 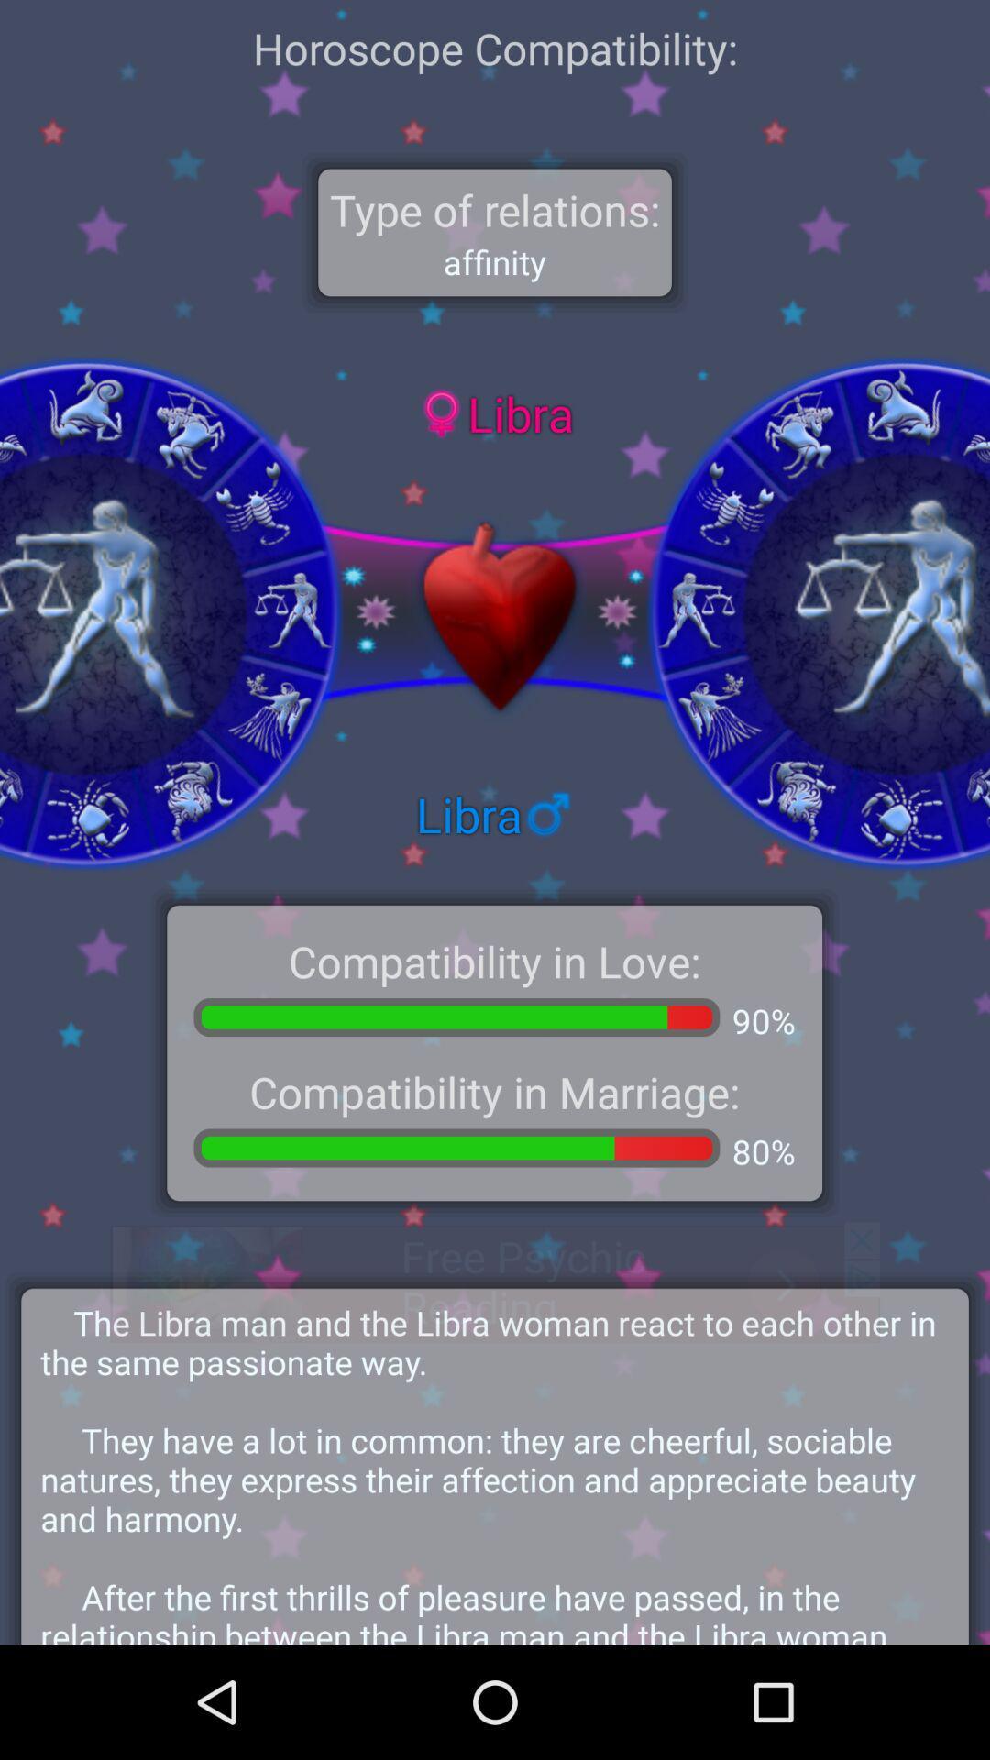 I want to click on the favorite icon, so click(x=493, y=656).